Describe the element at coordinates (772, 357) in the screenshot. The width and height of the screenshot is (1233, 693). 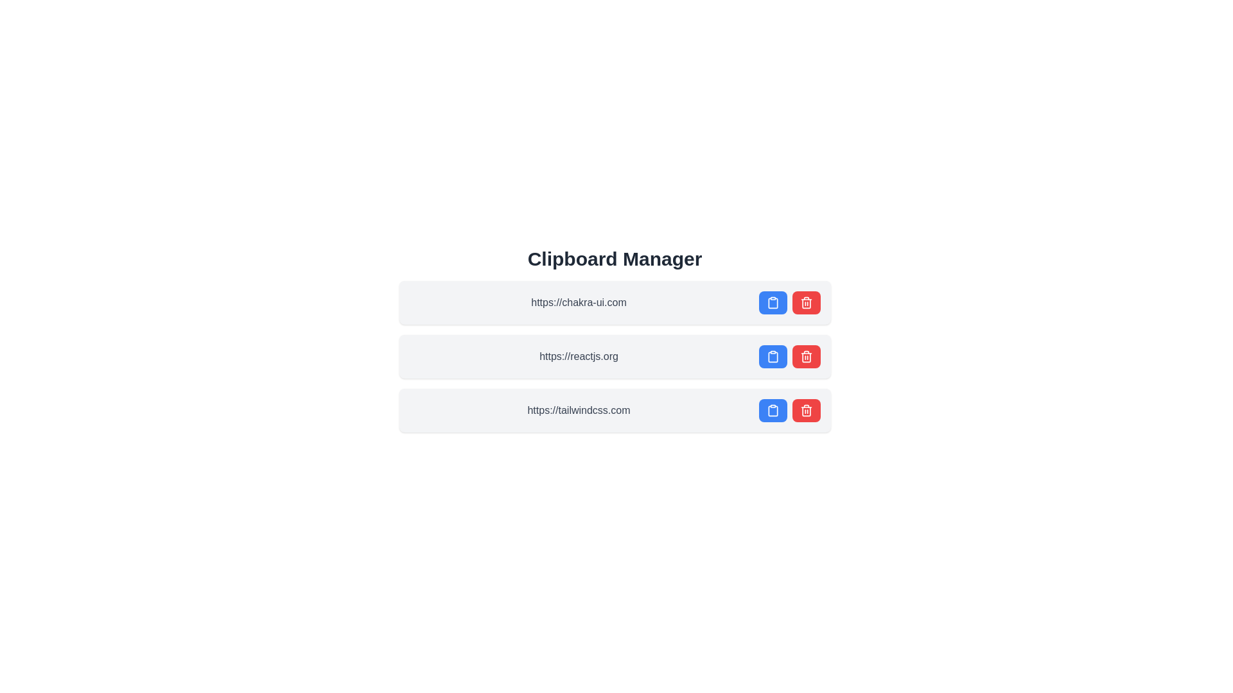
I see `the blue button located in the middle row, to the left of the red delete icon` at that location.